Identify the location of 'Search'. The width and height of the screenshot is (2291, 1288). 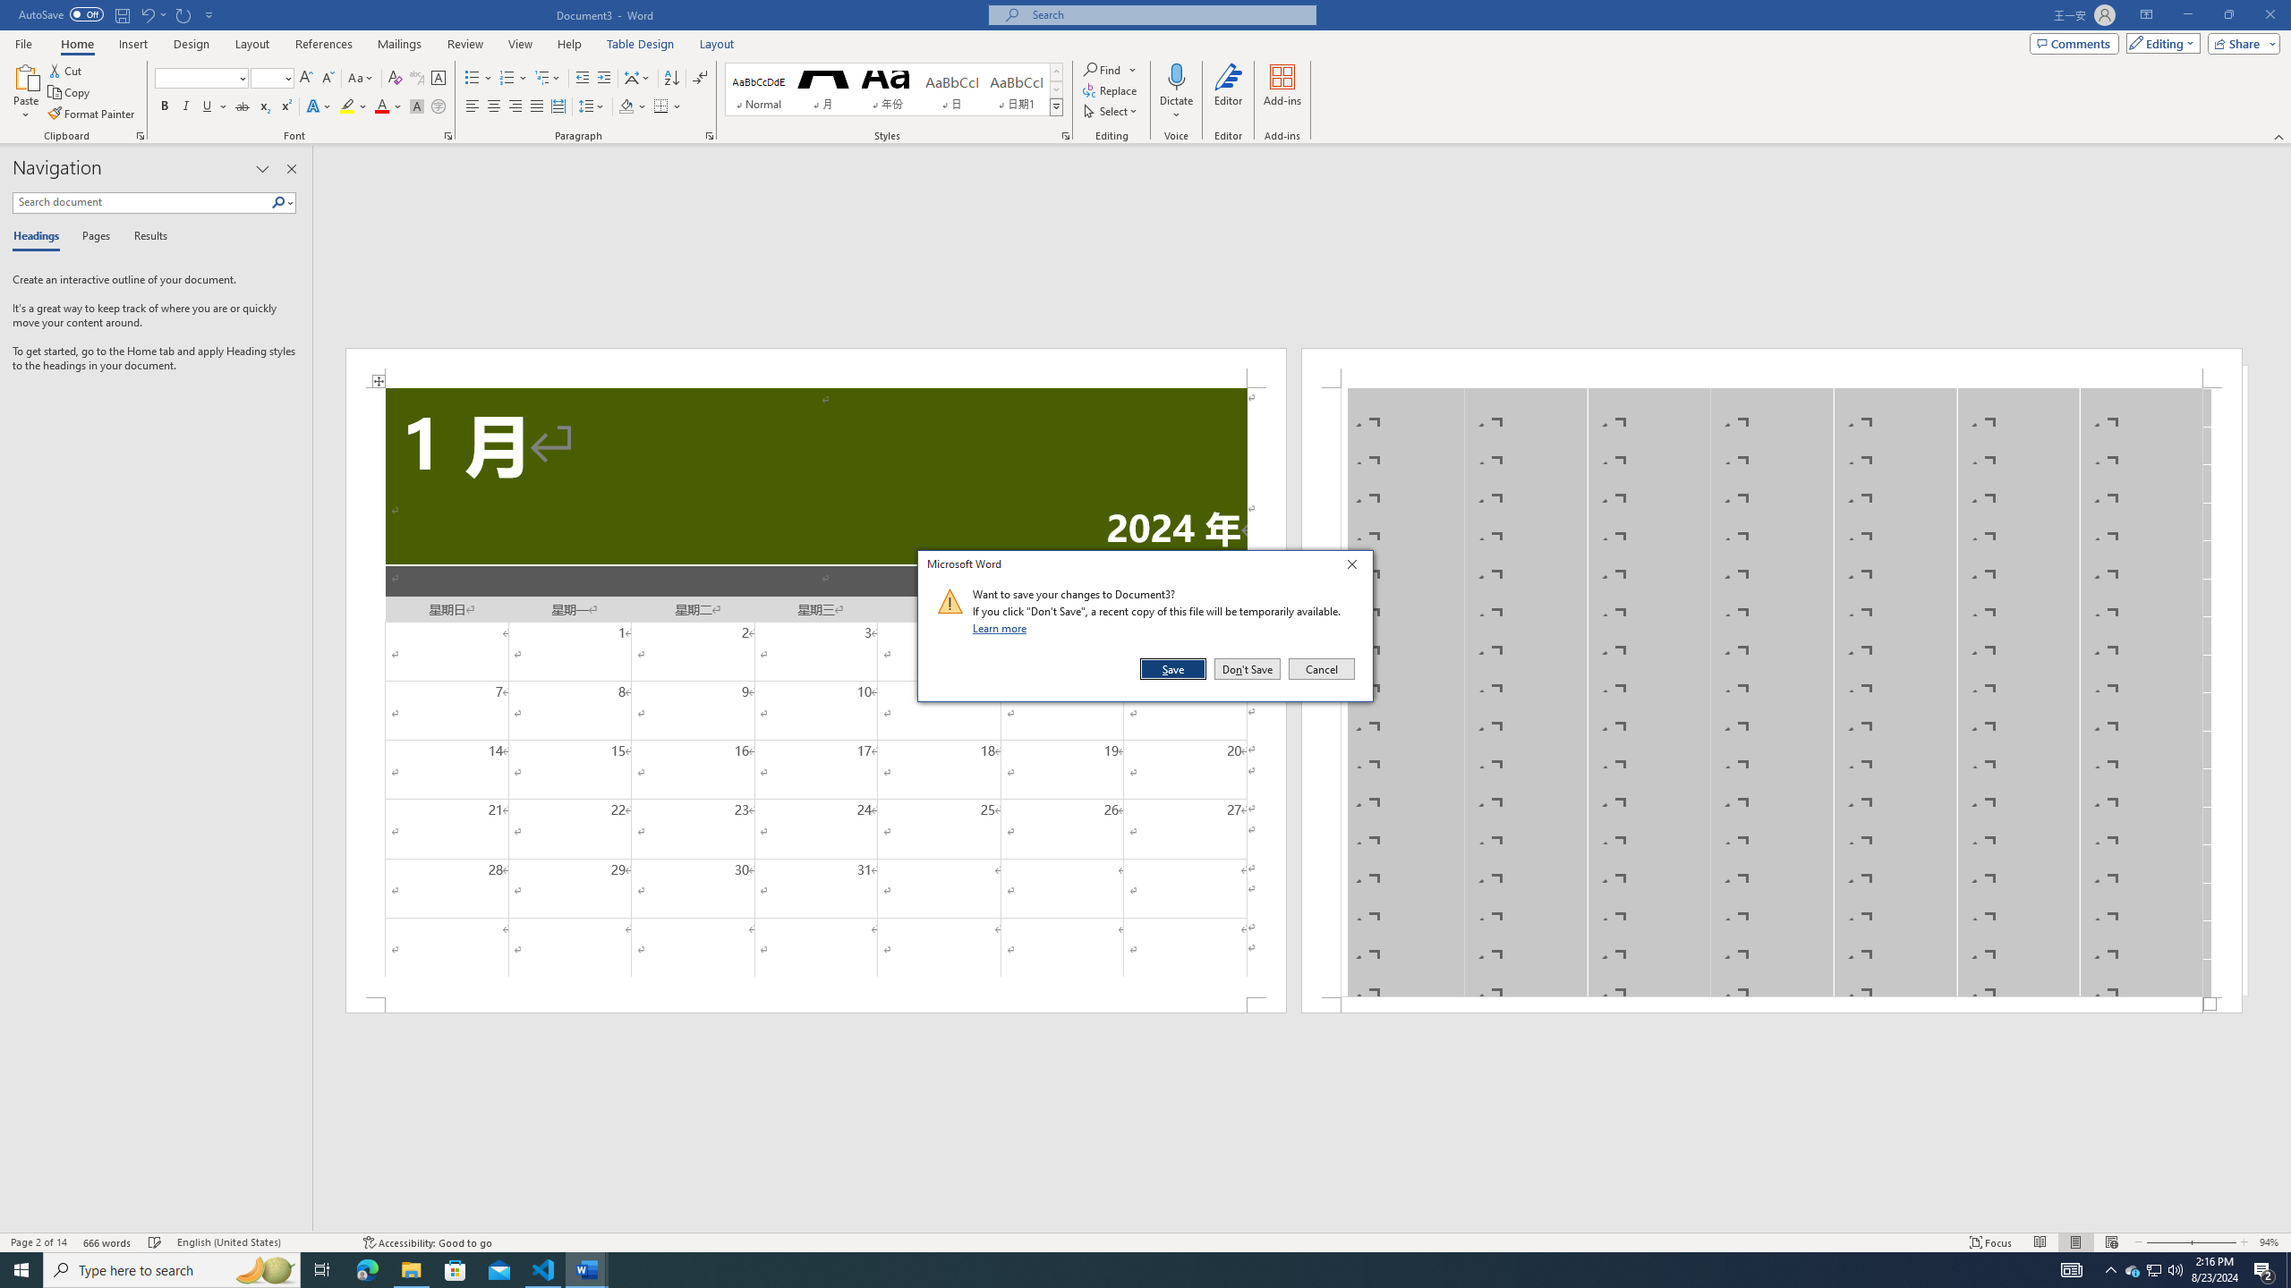
(282, 201).